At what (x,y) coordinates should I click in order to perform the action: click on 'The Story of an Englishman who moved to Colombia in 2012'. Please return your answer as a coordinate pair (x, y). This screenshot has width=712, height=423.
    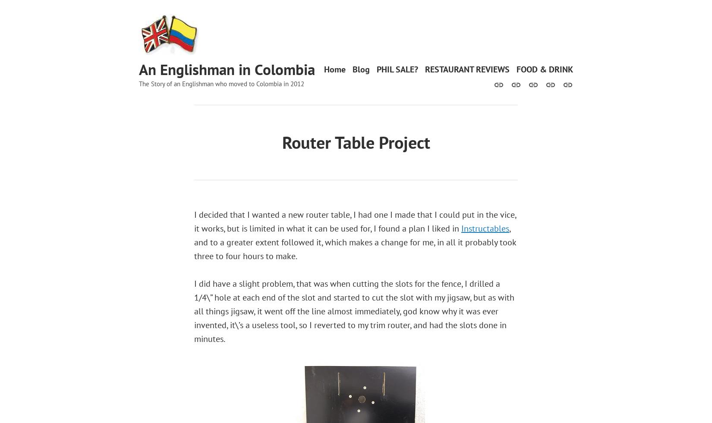
    Looking at the image, I should click on (221, 83).